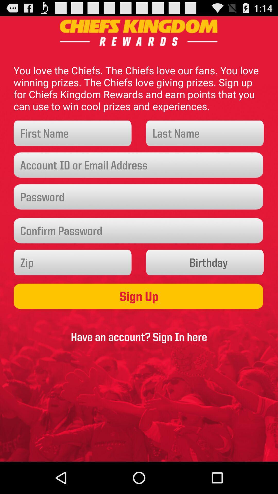 The width and height of the screenshot is (278, 494). I want to click on account id or email entry, so click(139, 165).